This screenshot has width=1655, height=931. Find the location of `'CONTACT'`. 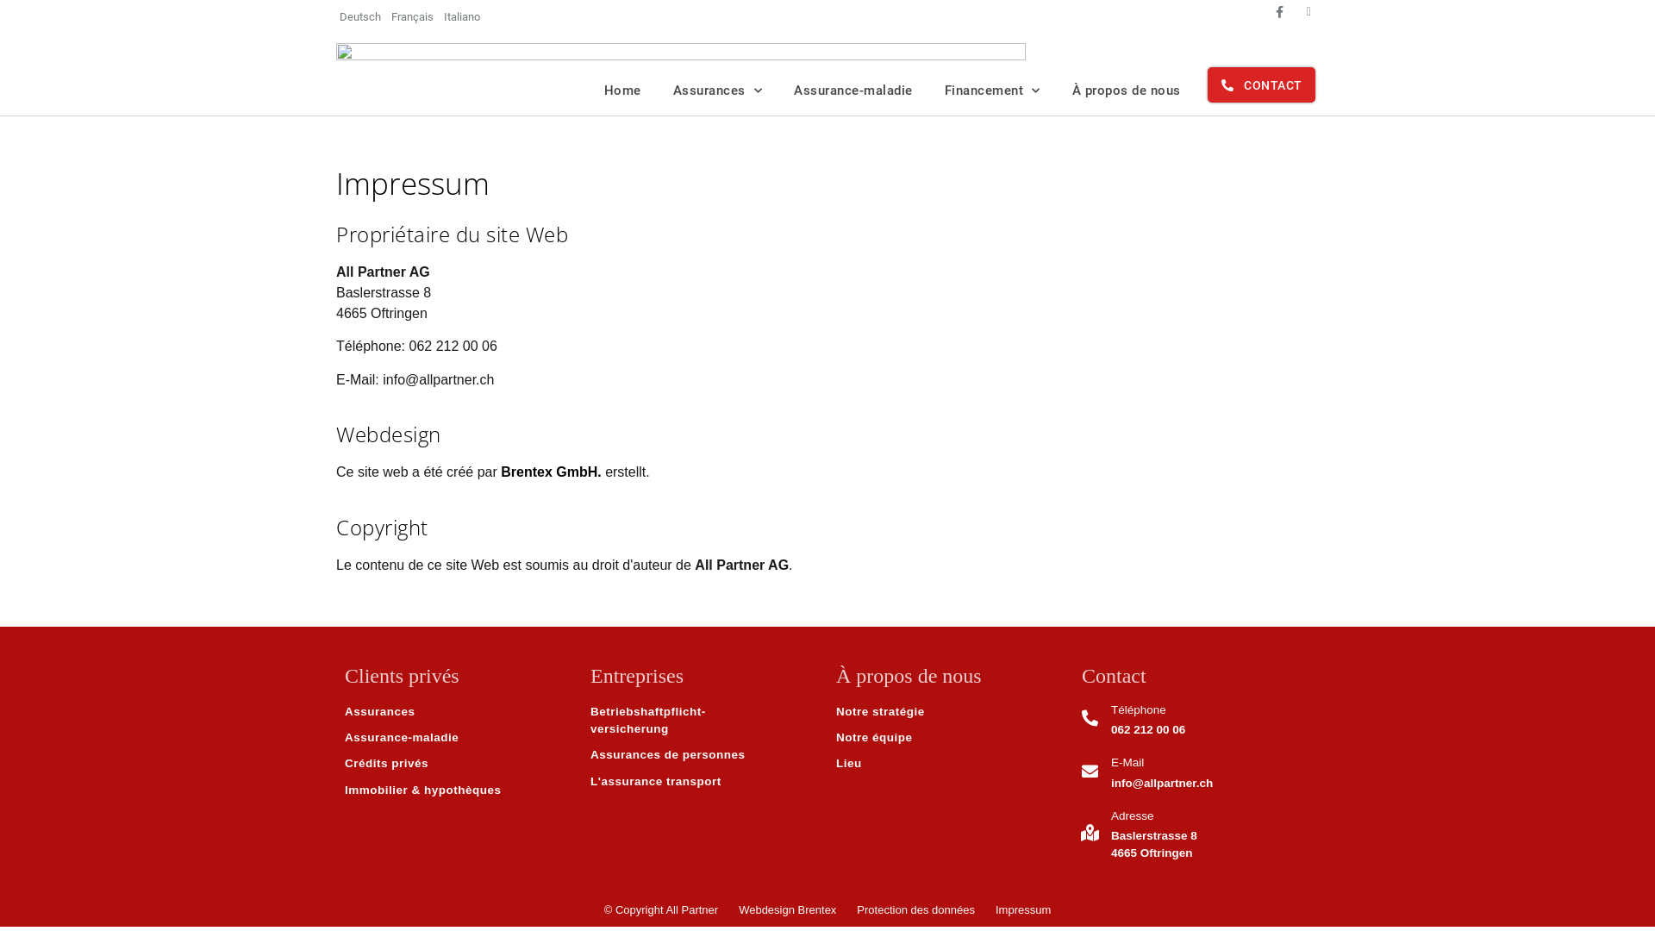

'CONTACT' is located at coordinates (1261, 84).